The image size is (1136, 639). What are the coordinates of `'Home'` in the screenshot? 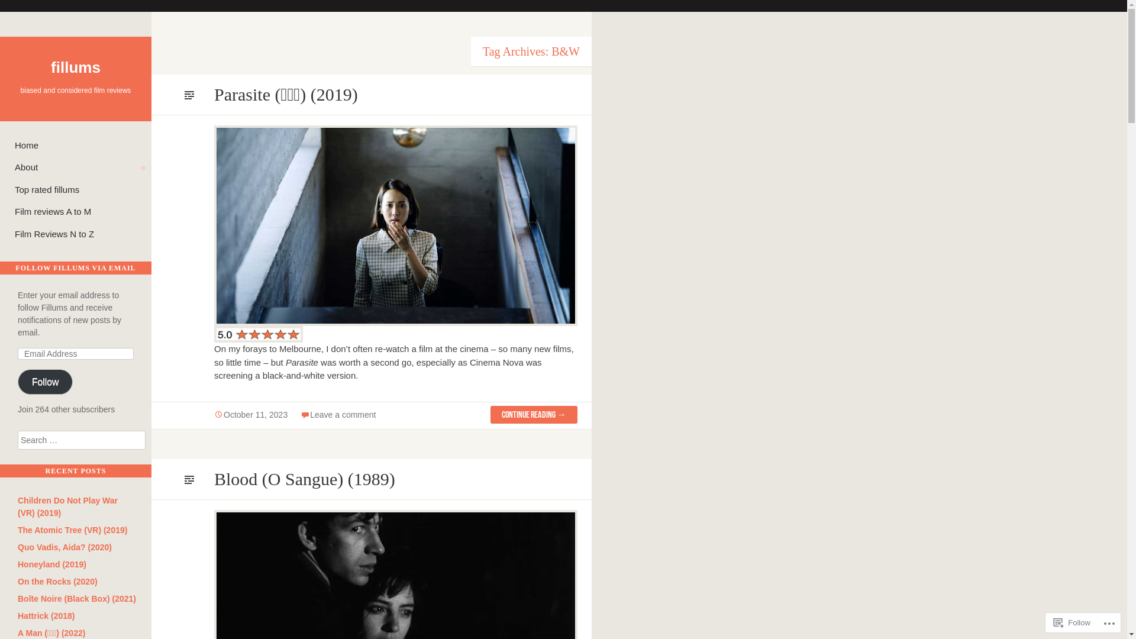 It's located at (79, 145).